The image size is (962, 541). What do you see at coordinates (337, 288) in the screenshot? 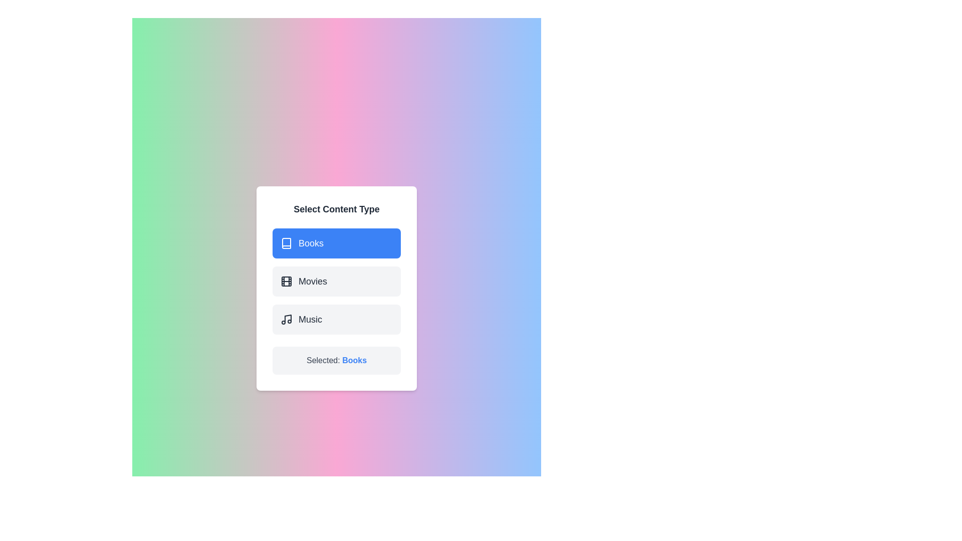
I see `the 'Movies' button, which is a rectangular button with a light gray background and dark gray text, using keyboard controls` at bounding box center [337, 288].